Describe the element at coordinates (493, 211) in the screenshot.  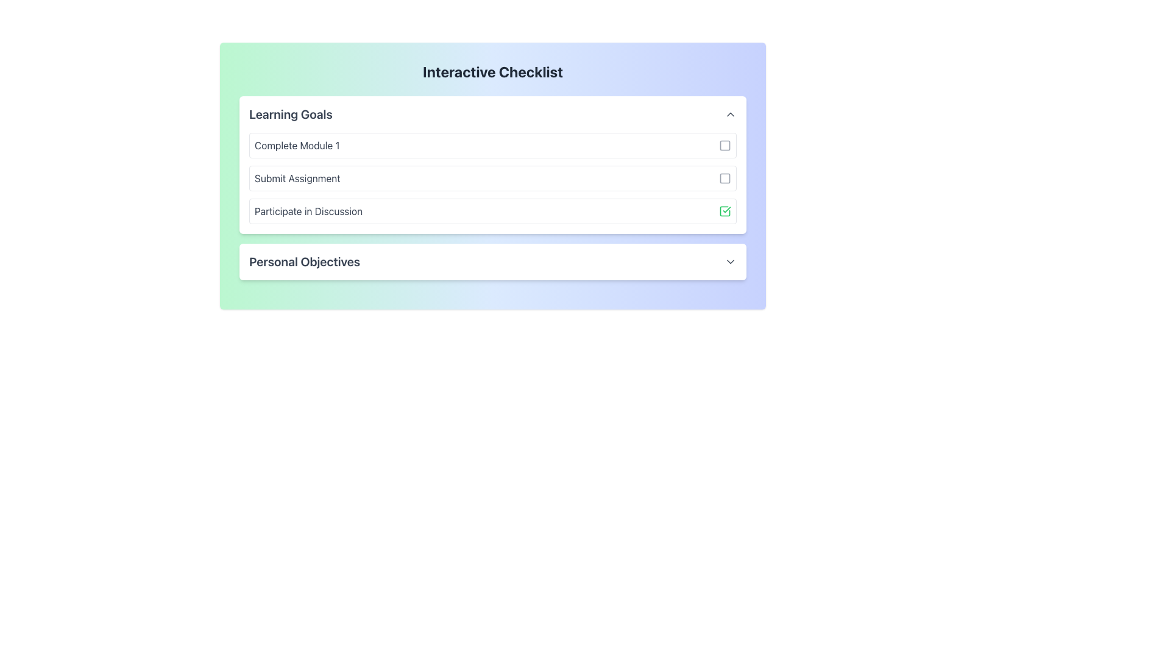
I see `the interactive button of the third checklist item under the 'Learning Goals' section` at that location.